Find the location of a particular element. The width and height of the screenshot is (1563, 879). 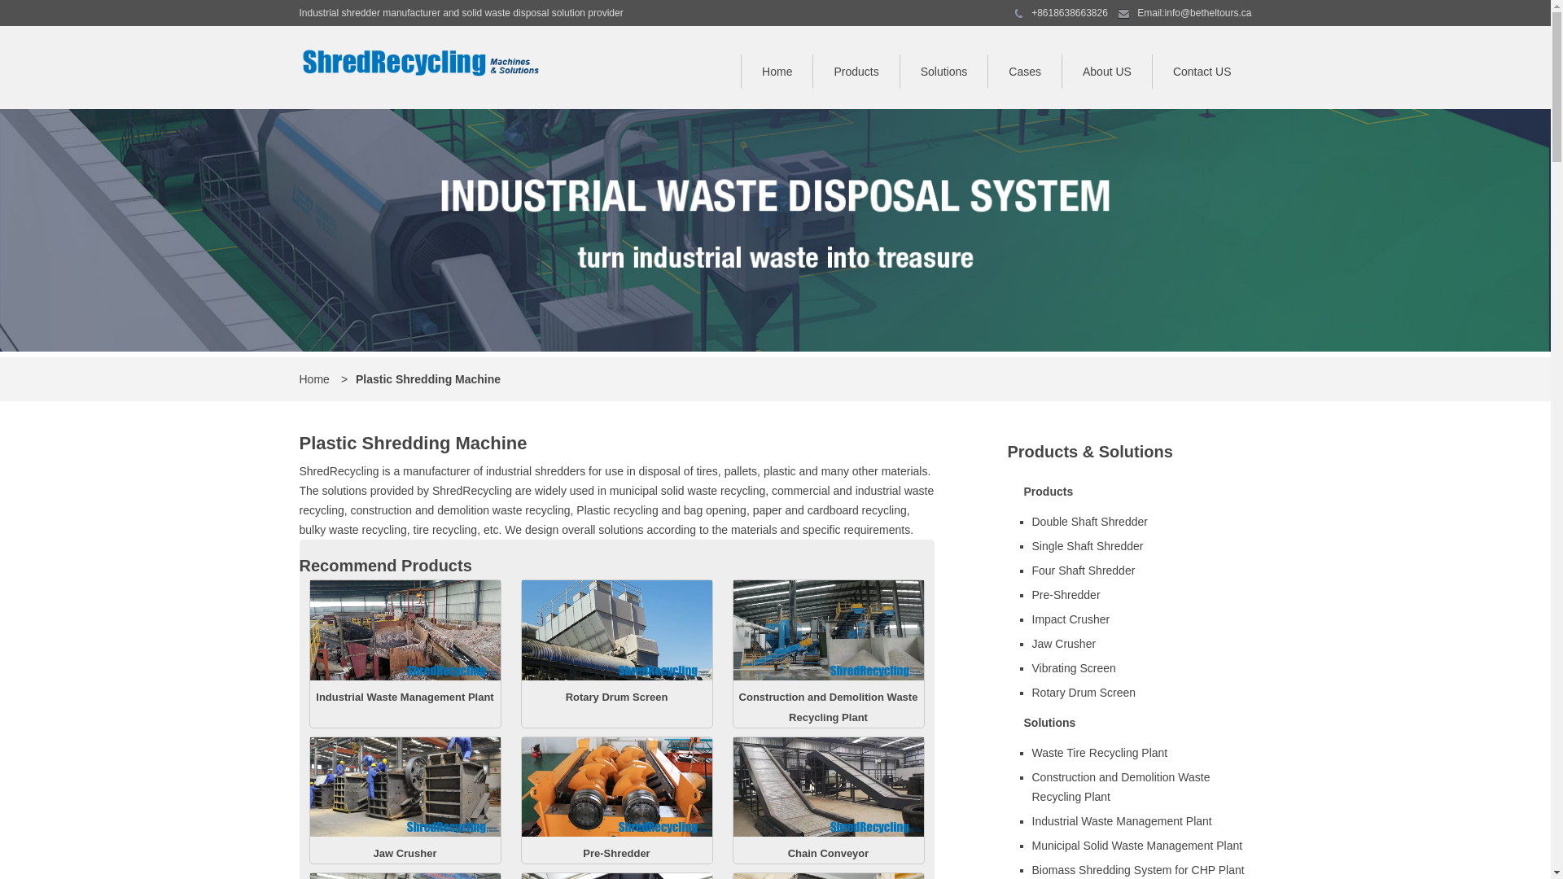

'Vibrating Screen' is located at coordinates (1139, 668).